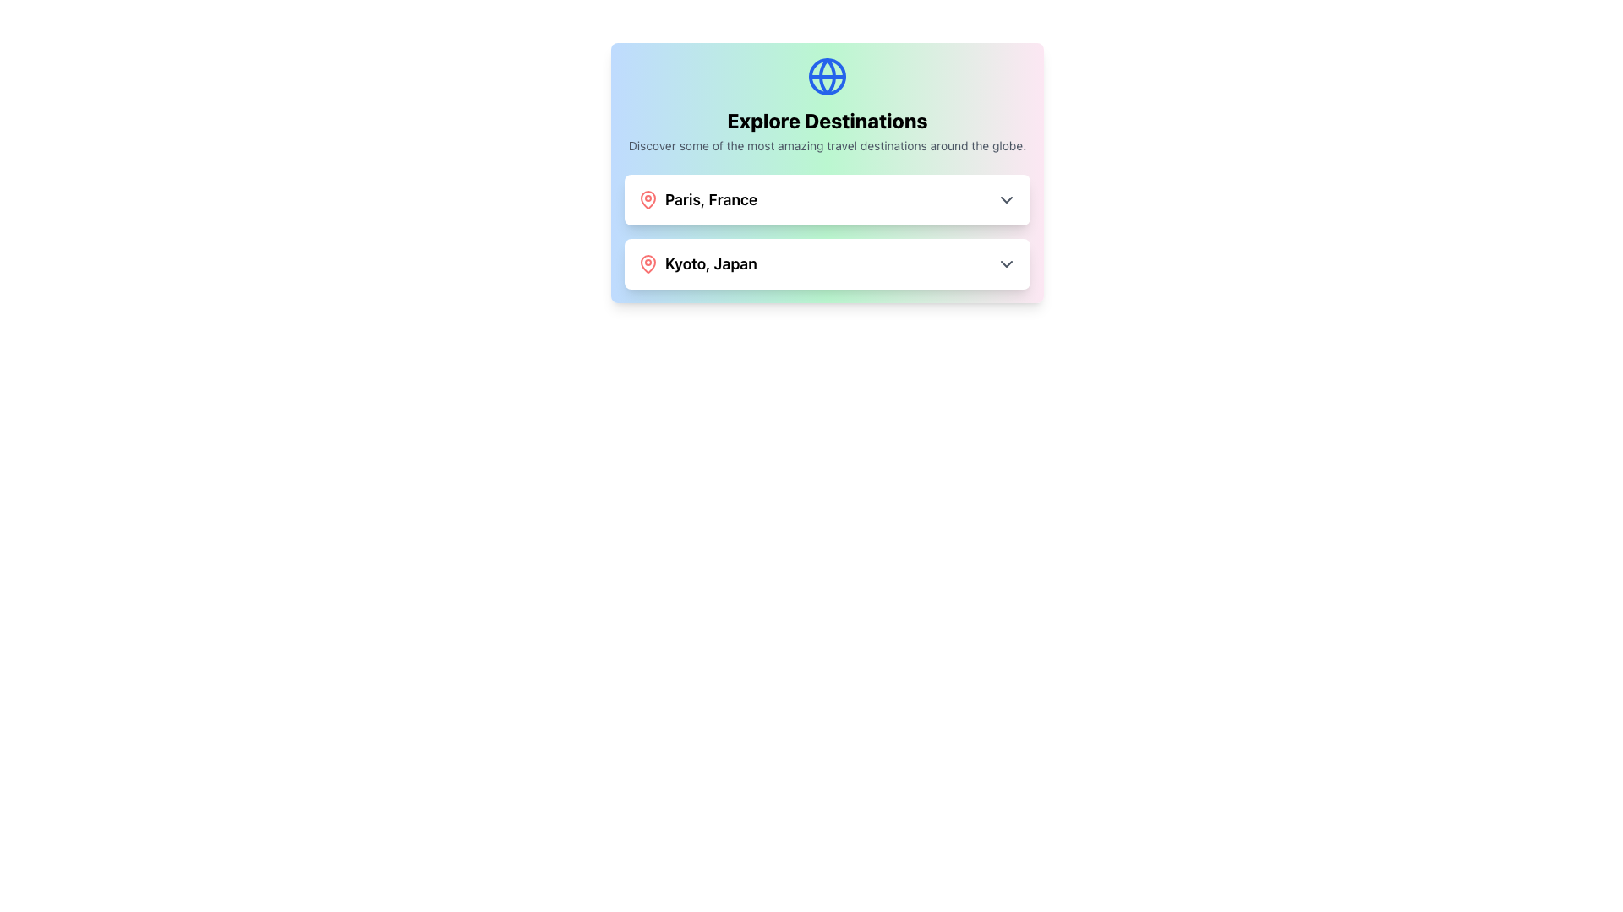 This screenshot has height=912, width=1623. I want to click on text displayed in the 'Kyoto, Japan' label, which is bold and larger, accompanied by a red location marker icon, located below 'Paris, France' in the 'Explore Destinations' section, so click(697, 263).